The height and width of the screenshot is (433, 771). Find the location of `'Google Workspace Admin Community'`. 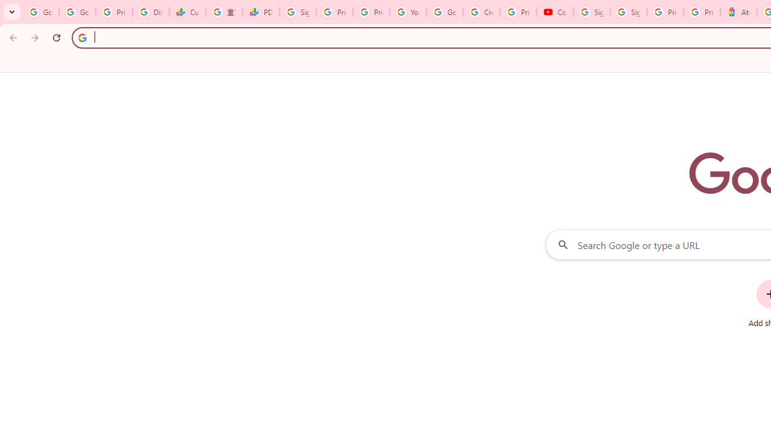

'Google Workspace Admin Community' is located at coordinates (40, 12).